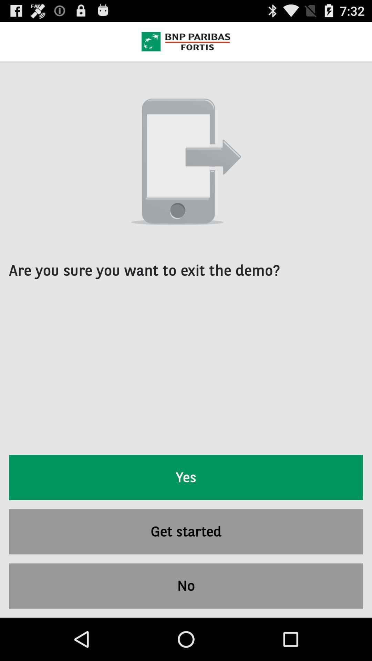  What do you see at coordinates (186, 586) in the screenshot?
I see `the item below the get started item` at bounding box center [186, 586].